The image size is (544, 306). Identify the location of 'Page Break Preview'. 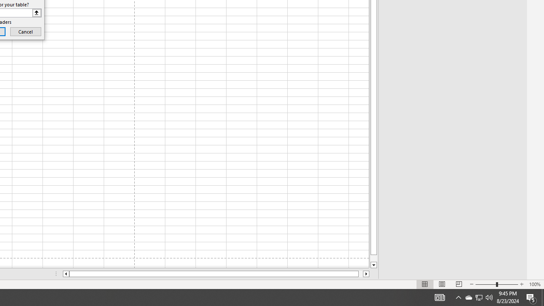
(458, 284).